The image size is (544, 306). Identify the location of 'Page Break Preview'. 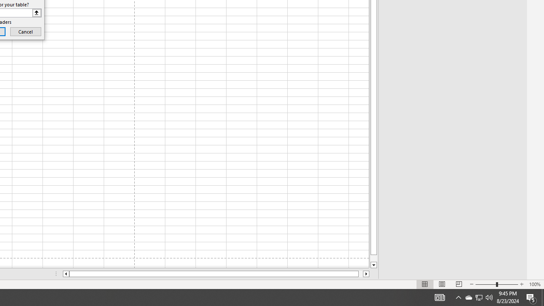
(458, 284).